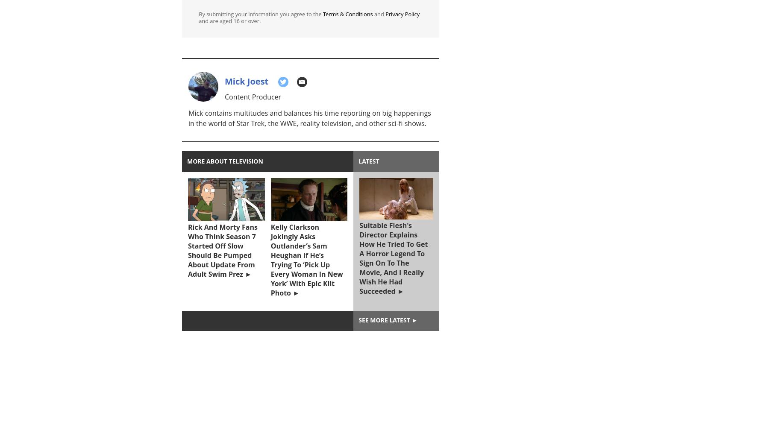 The image size is (758, 439). What do you see at coordinates (322, 13) in the screenshot?
I see `'Terms & Conditions'` at bounding box center [322, 13].